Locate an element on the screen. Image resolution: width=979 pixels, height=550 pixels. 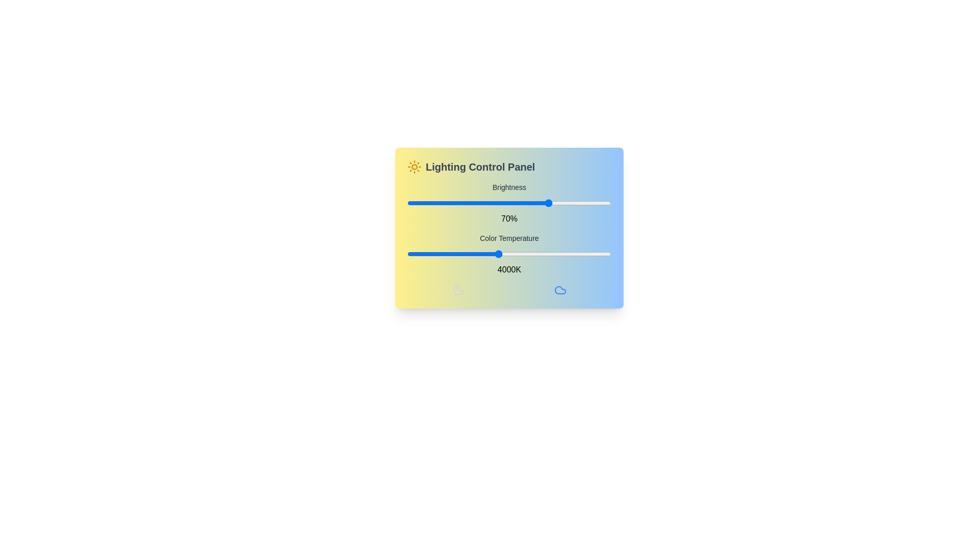
the color temperature slider to 3514 K is located at coordinates (475, 253).